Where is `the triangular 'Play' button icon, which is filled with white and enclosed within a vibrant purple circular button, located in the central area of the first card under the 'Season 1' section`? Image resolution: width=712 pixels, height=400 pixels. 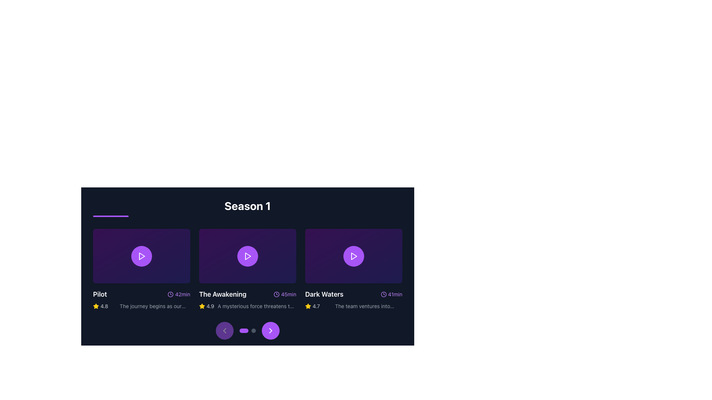 the triangular 'Play' button icon, which is filled with white and enclosed within a vibrant purple circular button, located in the central area of the first card under the 'Season 1' section is located at coordinates (142, 256).